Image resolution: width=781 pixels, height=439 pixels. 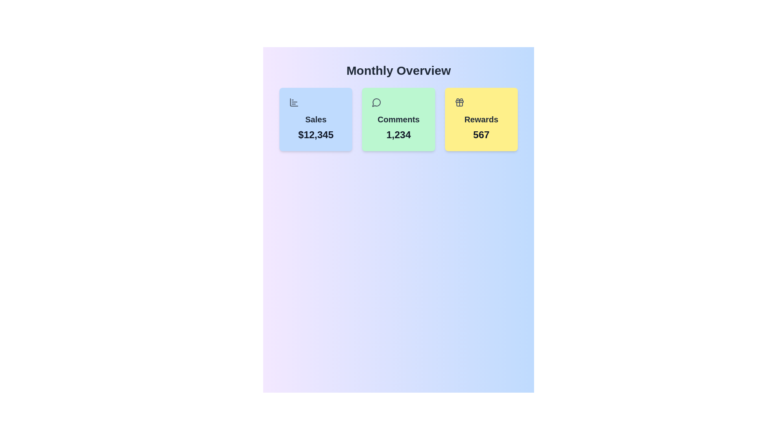 I want to click on the text element displaying the count '567' located in the yellow card labeled 'Rewards' beneath its title, so click(x=481, y=134).